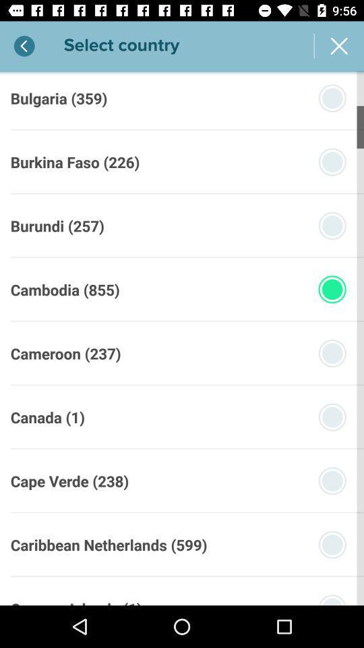 This screenshot has width=364, height=648. I want to click on the bulgaria (359) item, so click(58, 97).